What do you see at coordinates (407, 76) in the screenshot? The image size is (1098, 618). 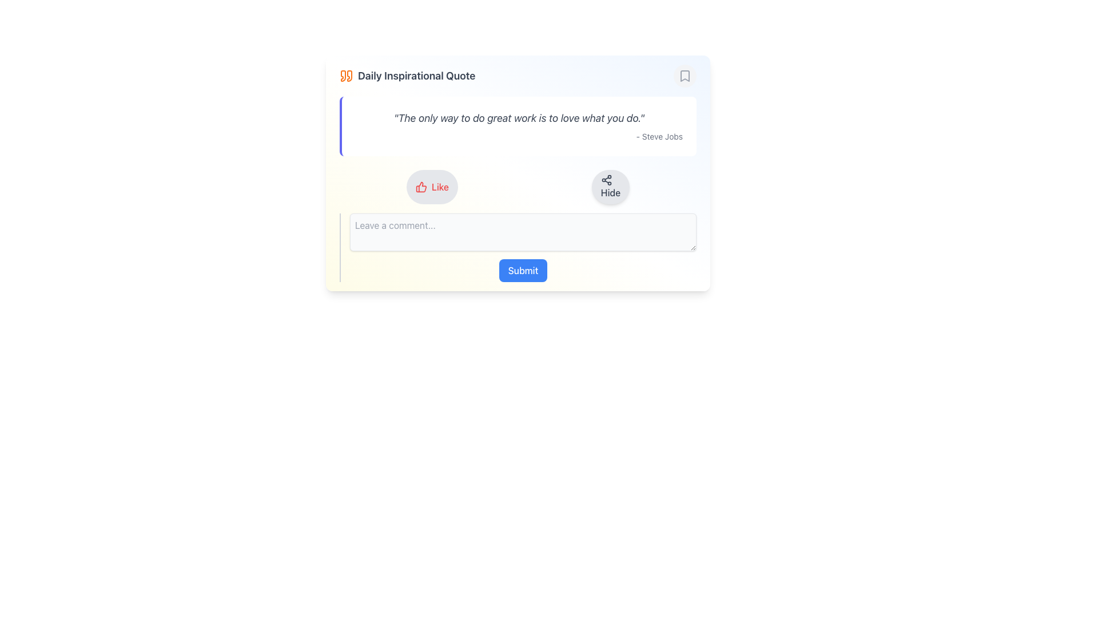 I see `the Text Label that serves as a title for the section indicating the purpose of the content below, which provides daily inspirational quotes` at bounding box center [407, 76].